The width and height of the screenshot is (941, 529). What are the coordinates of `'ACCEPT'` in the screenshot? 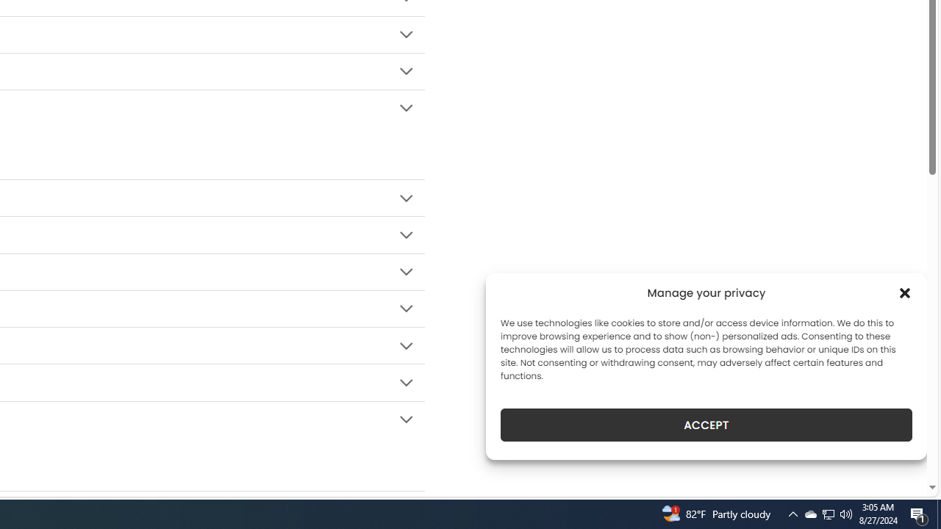 It's located at (706, 425).